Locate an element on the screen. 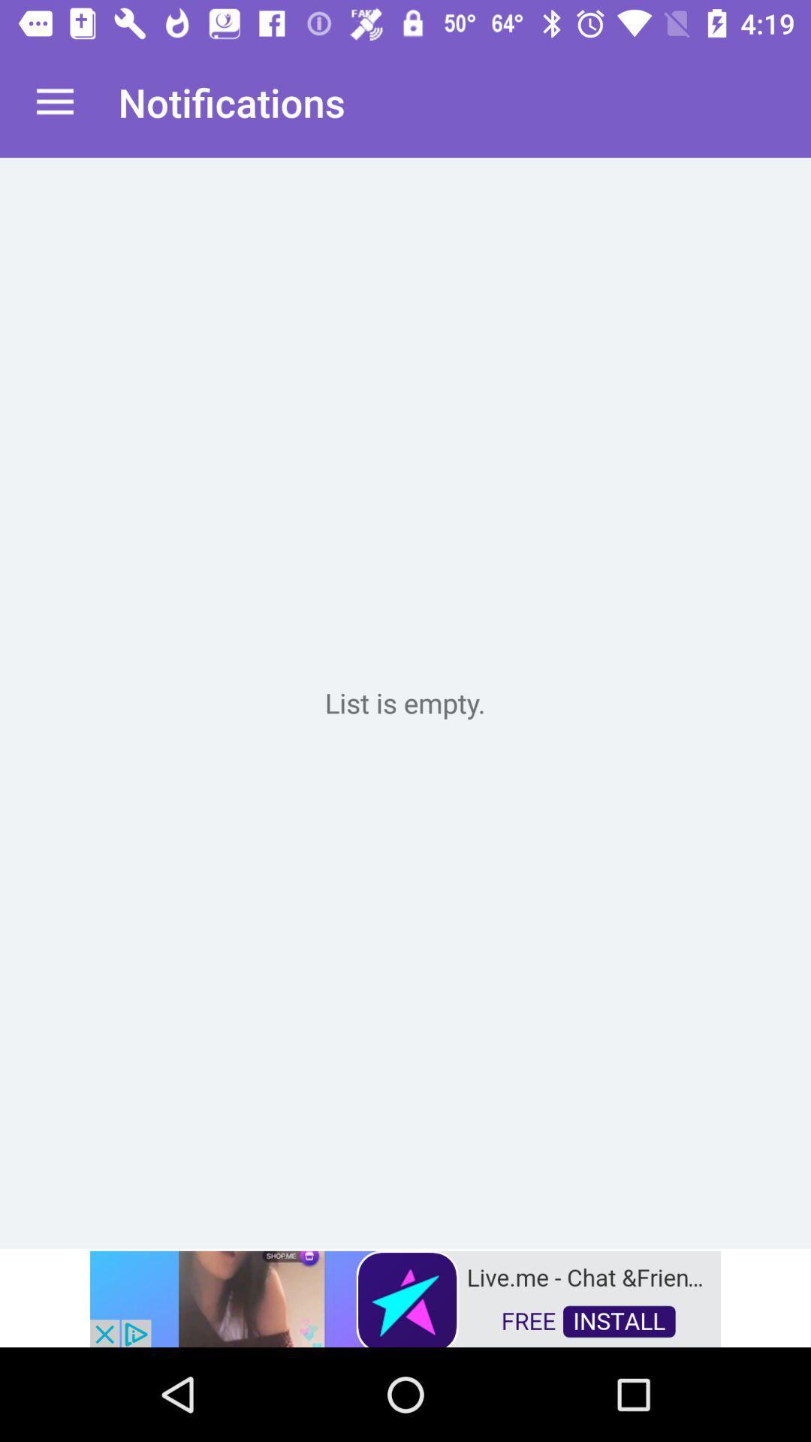 Image resolution: width=811 pixels, height=1442 pixels. empty box is located at coordinates (405, 702).